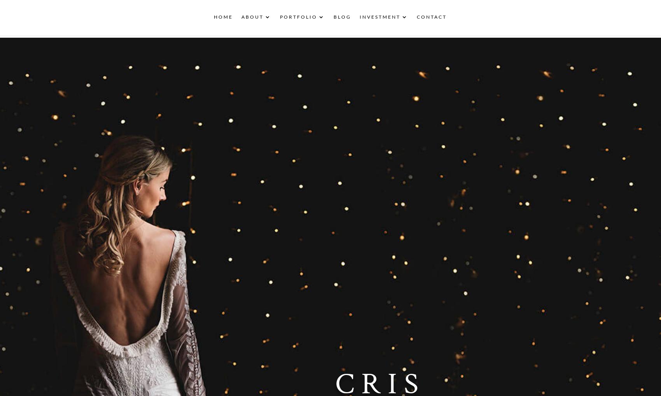 This screenshot has width=661, height=396. Describe the element at coordinates (342, 19) in the screenshot. I see `'Blog'` at that location.